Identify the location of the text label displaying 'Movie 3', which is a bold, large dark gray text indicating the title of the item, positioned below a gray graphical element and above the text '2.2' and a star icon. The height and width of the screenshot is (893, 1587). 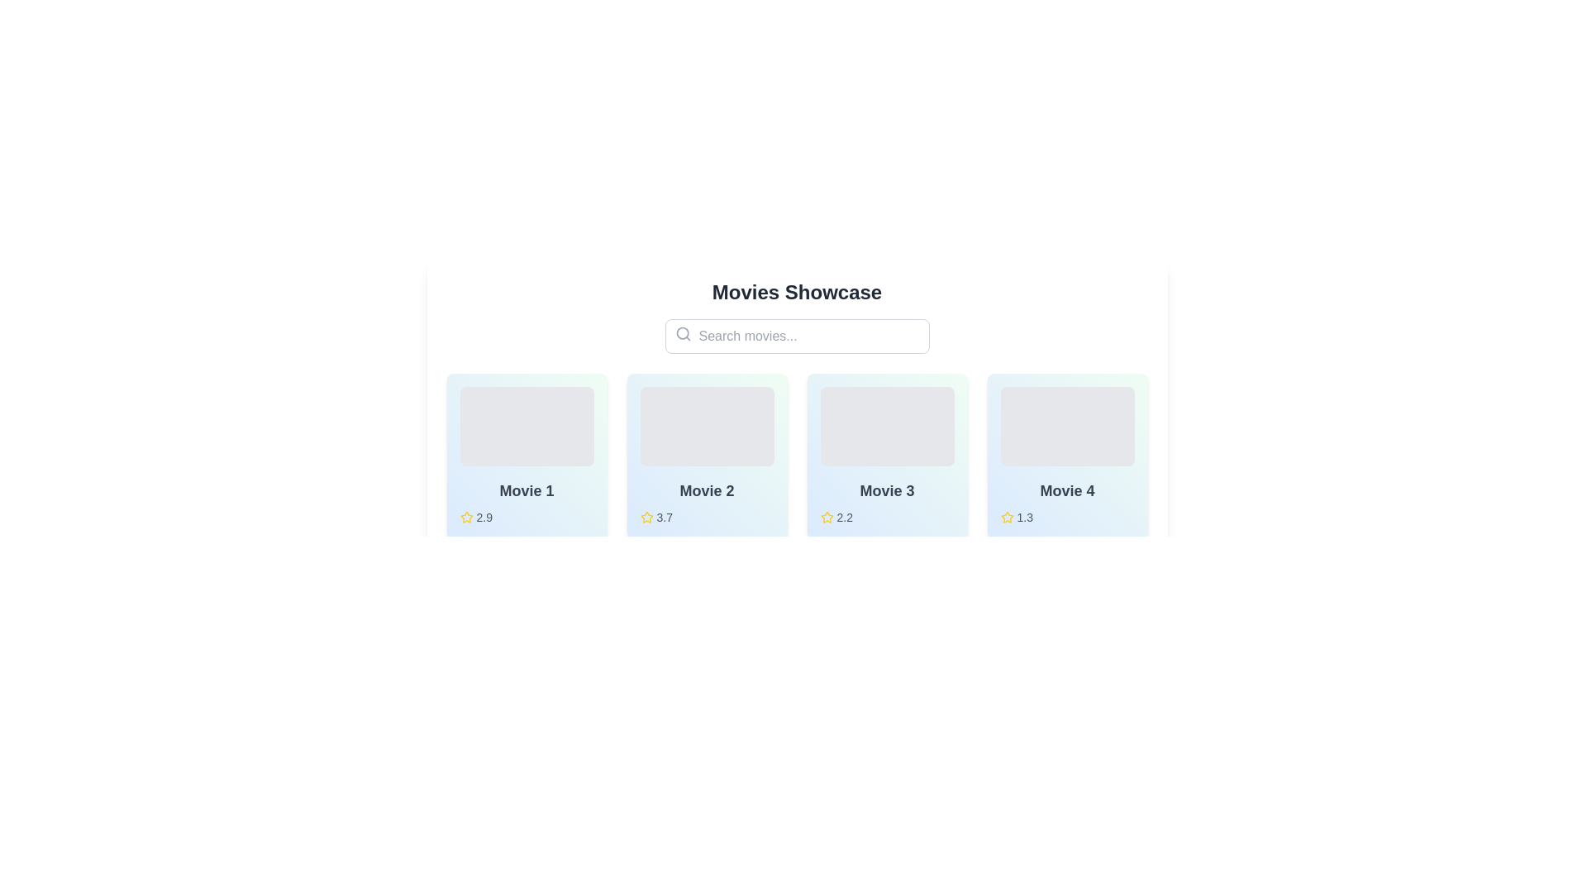
(886, 490).